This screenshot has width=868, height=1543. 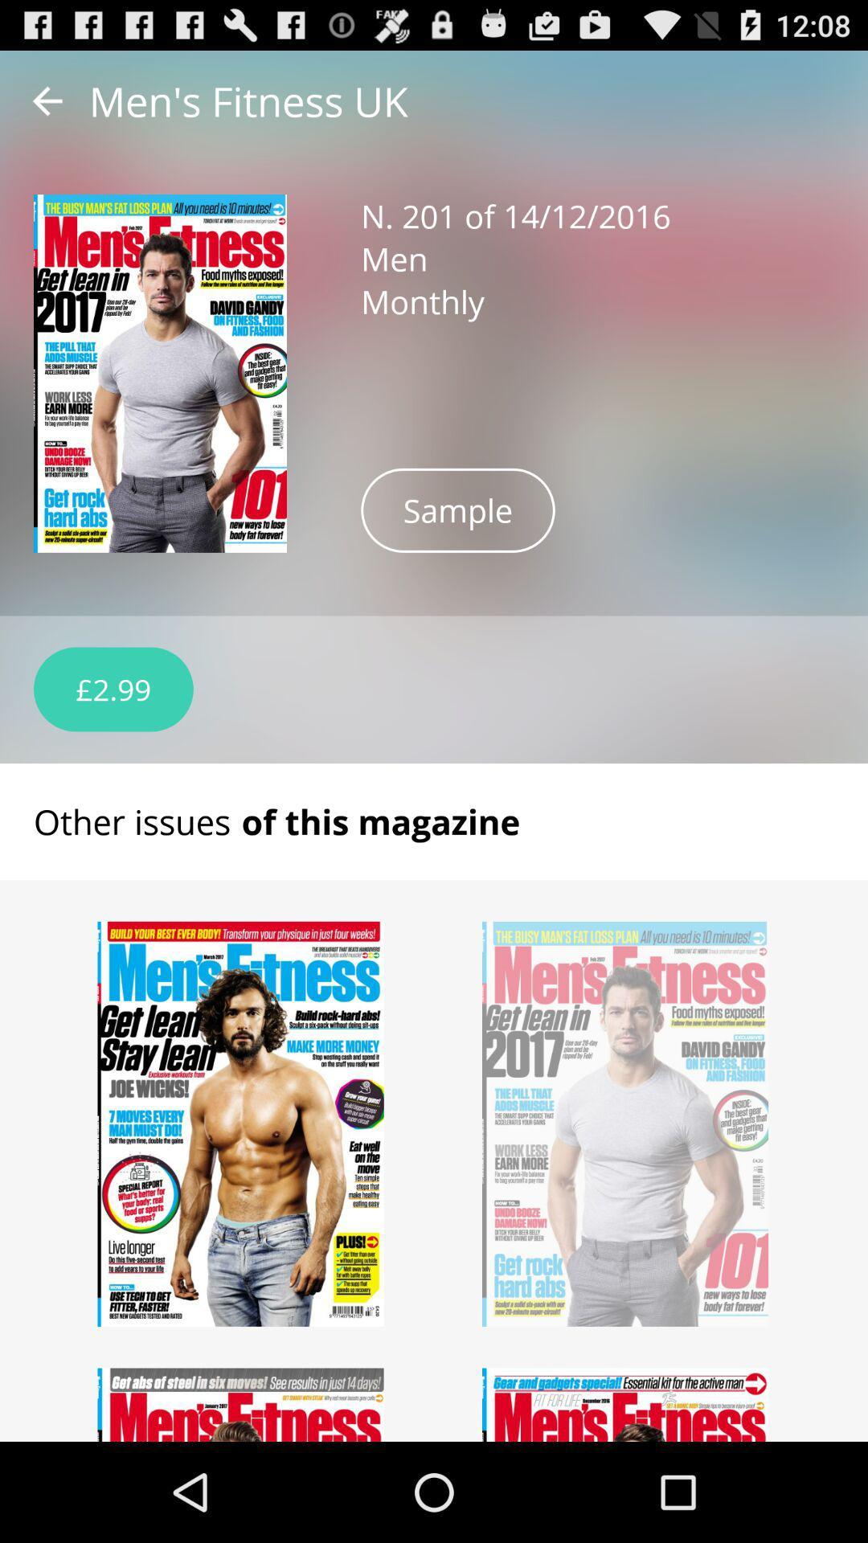 What do you see at coordinates (47, 100) in the screenshot?
I see `previous page` at bounding box center [47, 100].